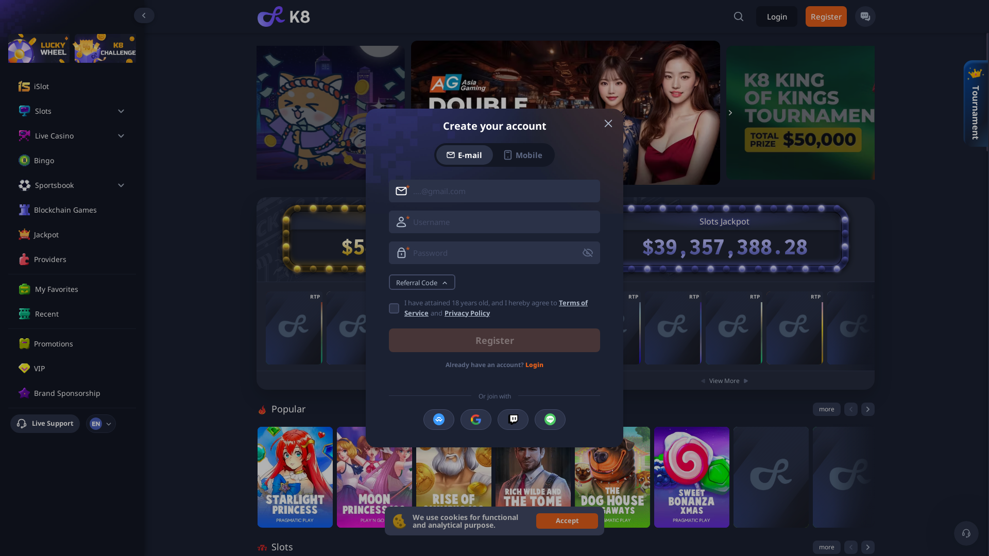 This screenshot has height=556, width=989. I want to click on 'Allstar 7s Hold and Win', so click(673, 327).